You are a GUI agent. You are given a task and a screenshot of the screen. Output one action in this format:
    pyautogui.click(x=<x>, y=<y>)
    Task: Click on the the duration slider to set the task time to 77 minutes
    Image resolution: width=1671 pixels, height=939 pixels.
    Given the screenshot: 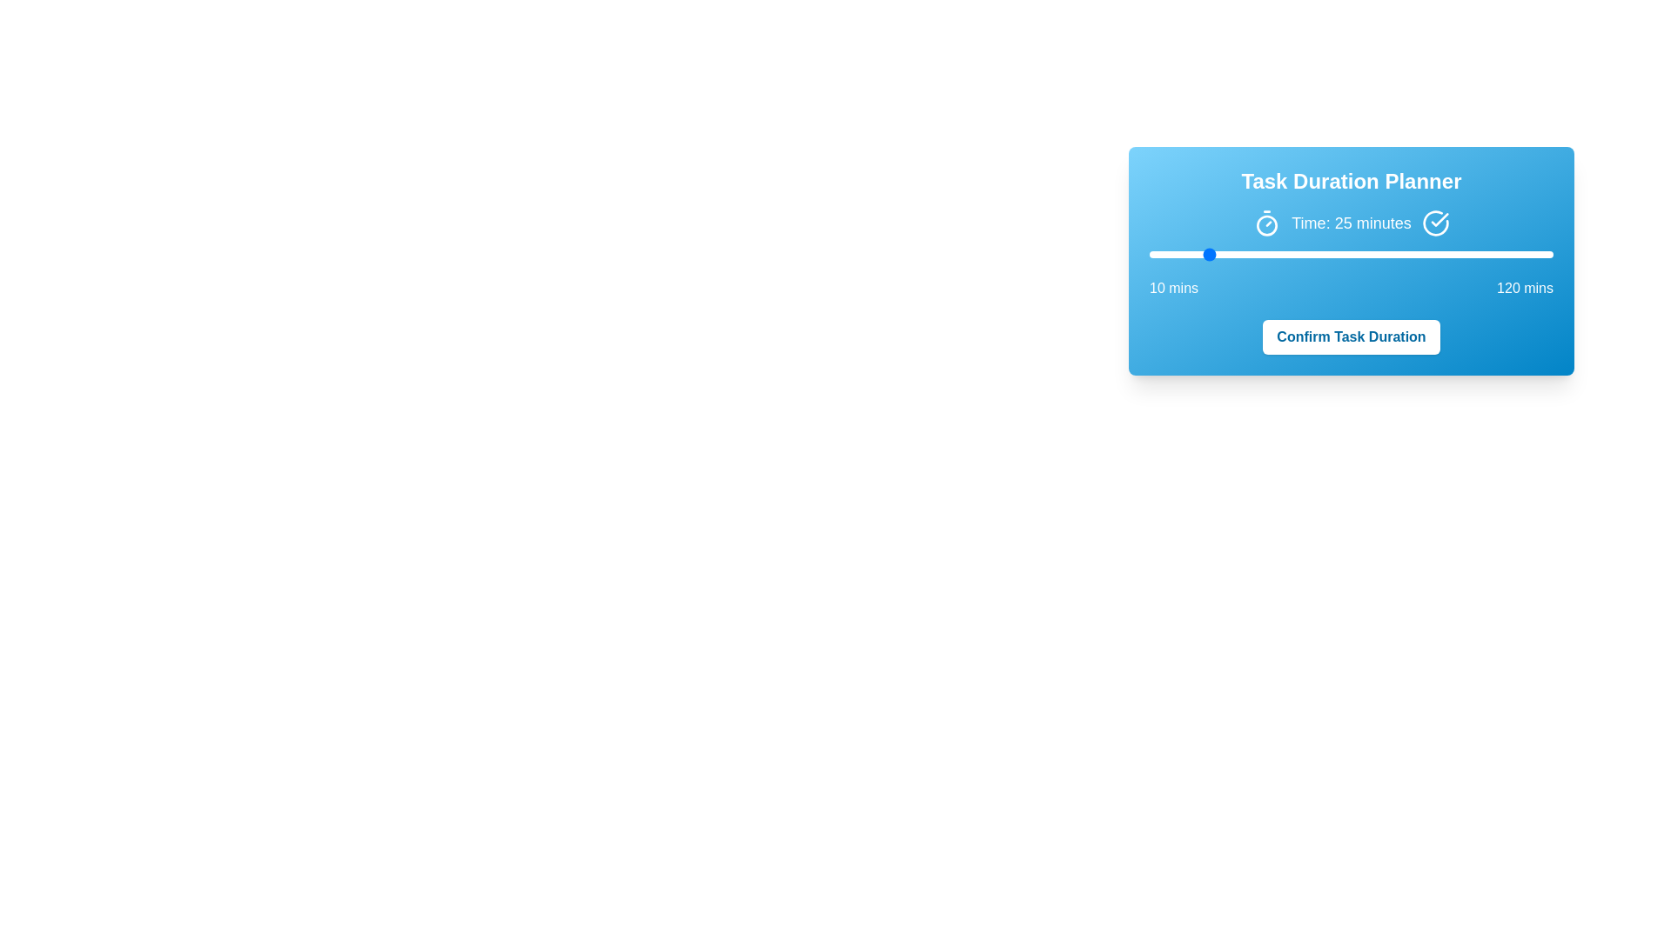 What is the action you would take?
    pyautogui.click(x=1395, y=255)
    